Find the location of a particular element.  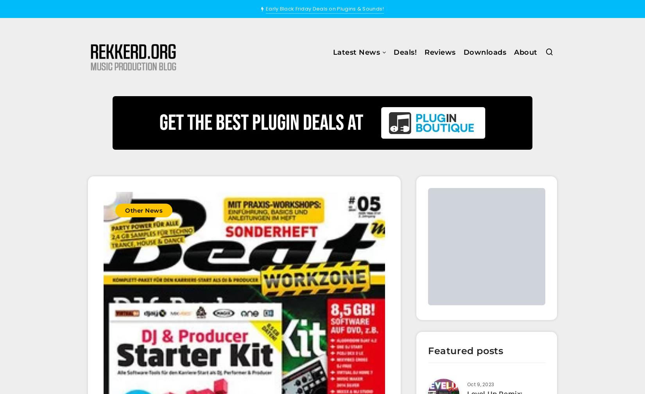

'Latest News' is located at coordinates (333, 52).